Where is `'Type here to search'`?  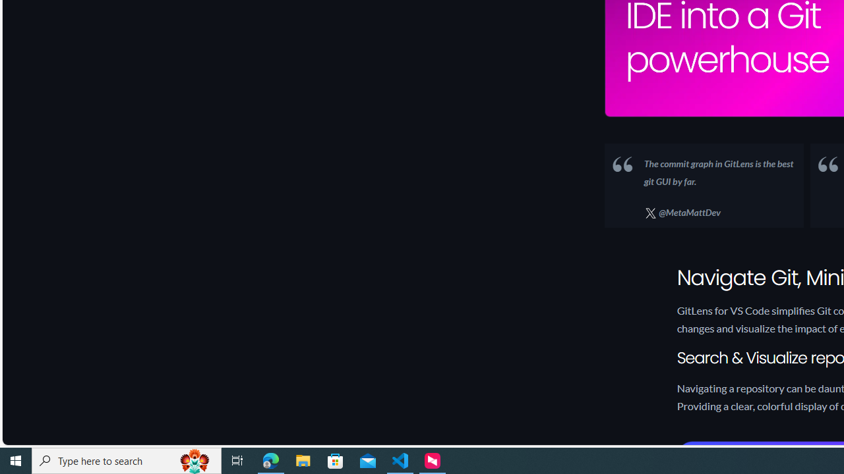 'Type here to search' is located at coordinates (127, 460).